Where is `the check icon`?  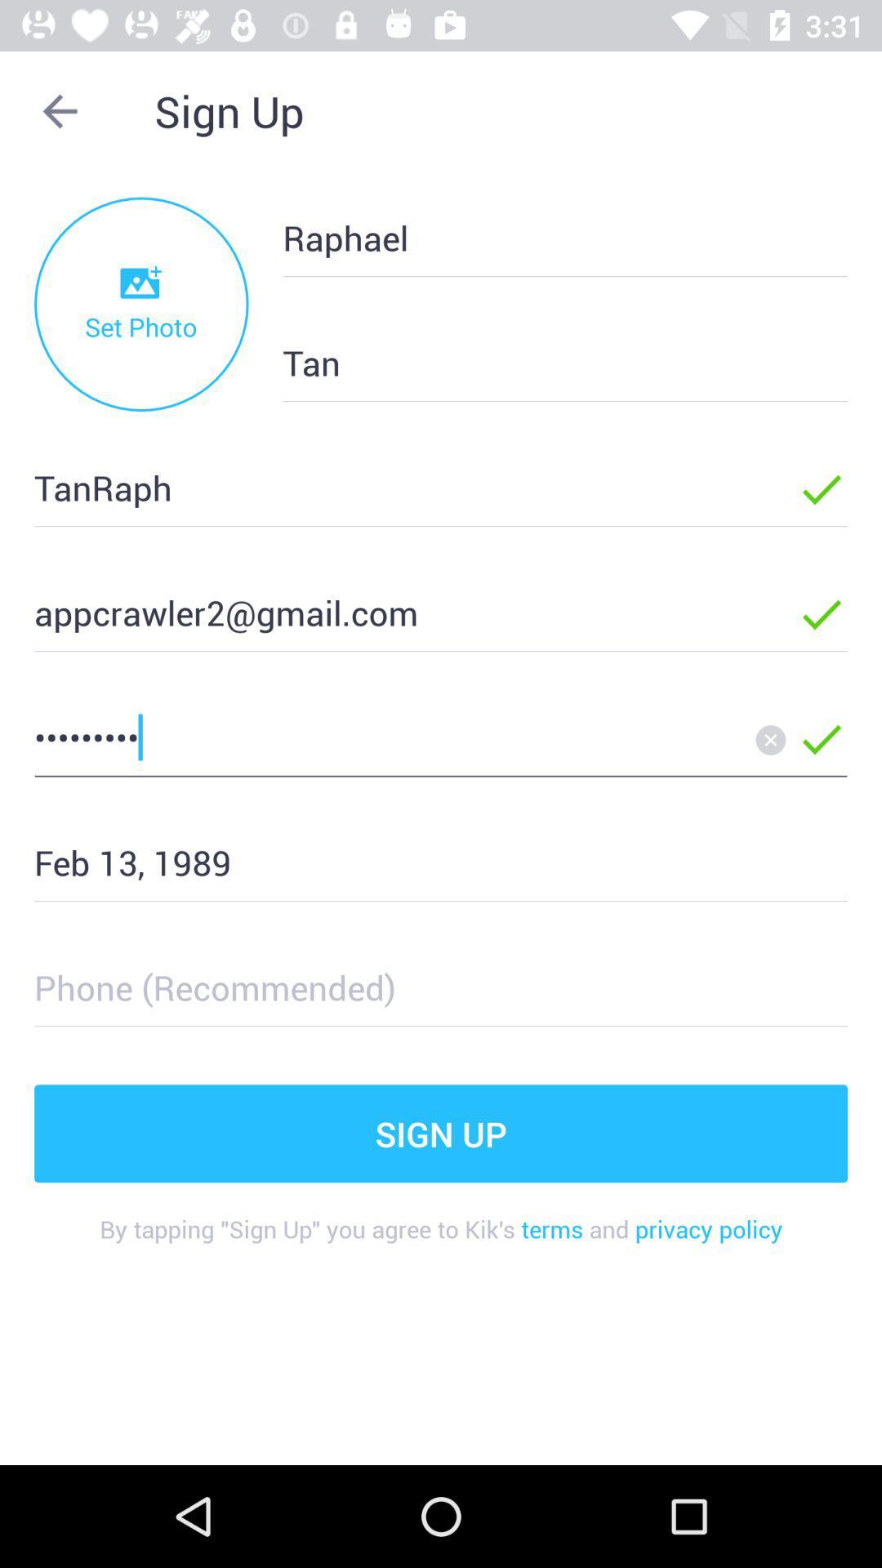 the check icon is located at coordinates (822, 614).